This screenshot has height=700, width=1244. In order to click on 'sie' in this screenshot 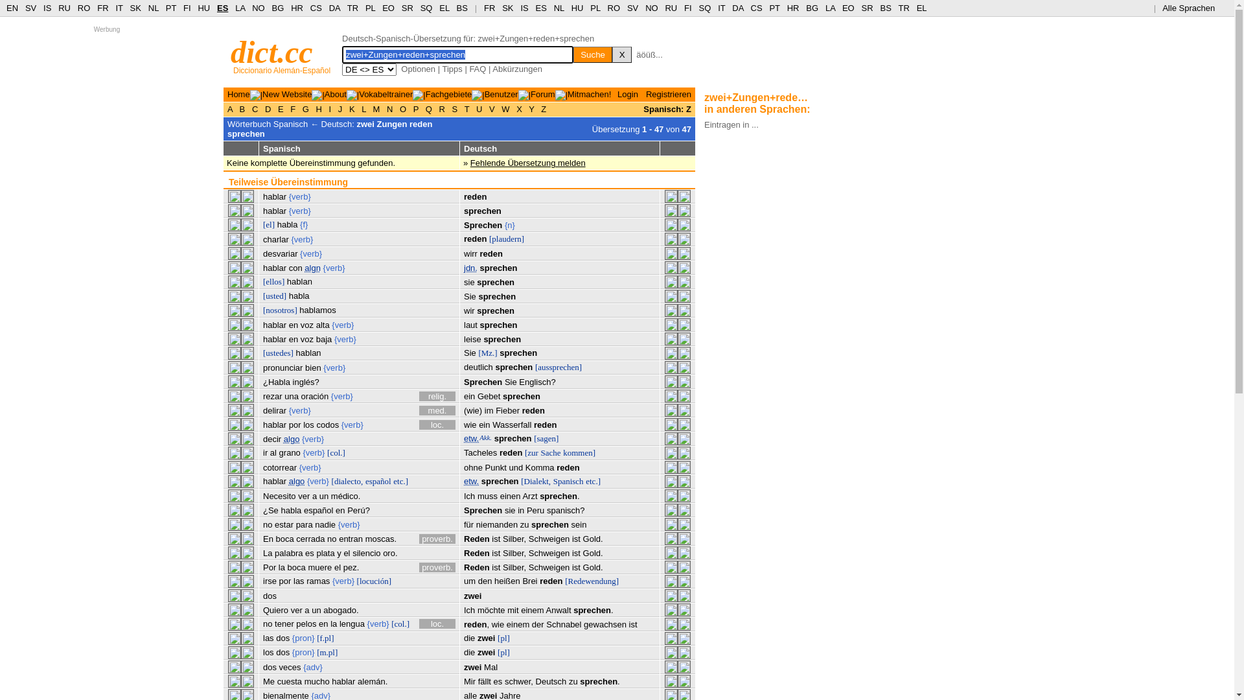, I will do `click(503, 509)`.